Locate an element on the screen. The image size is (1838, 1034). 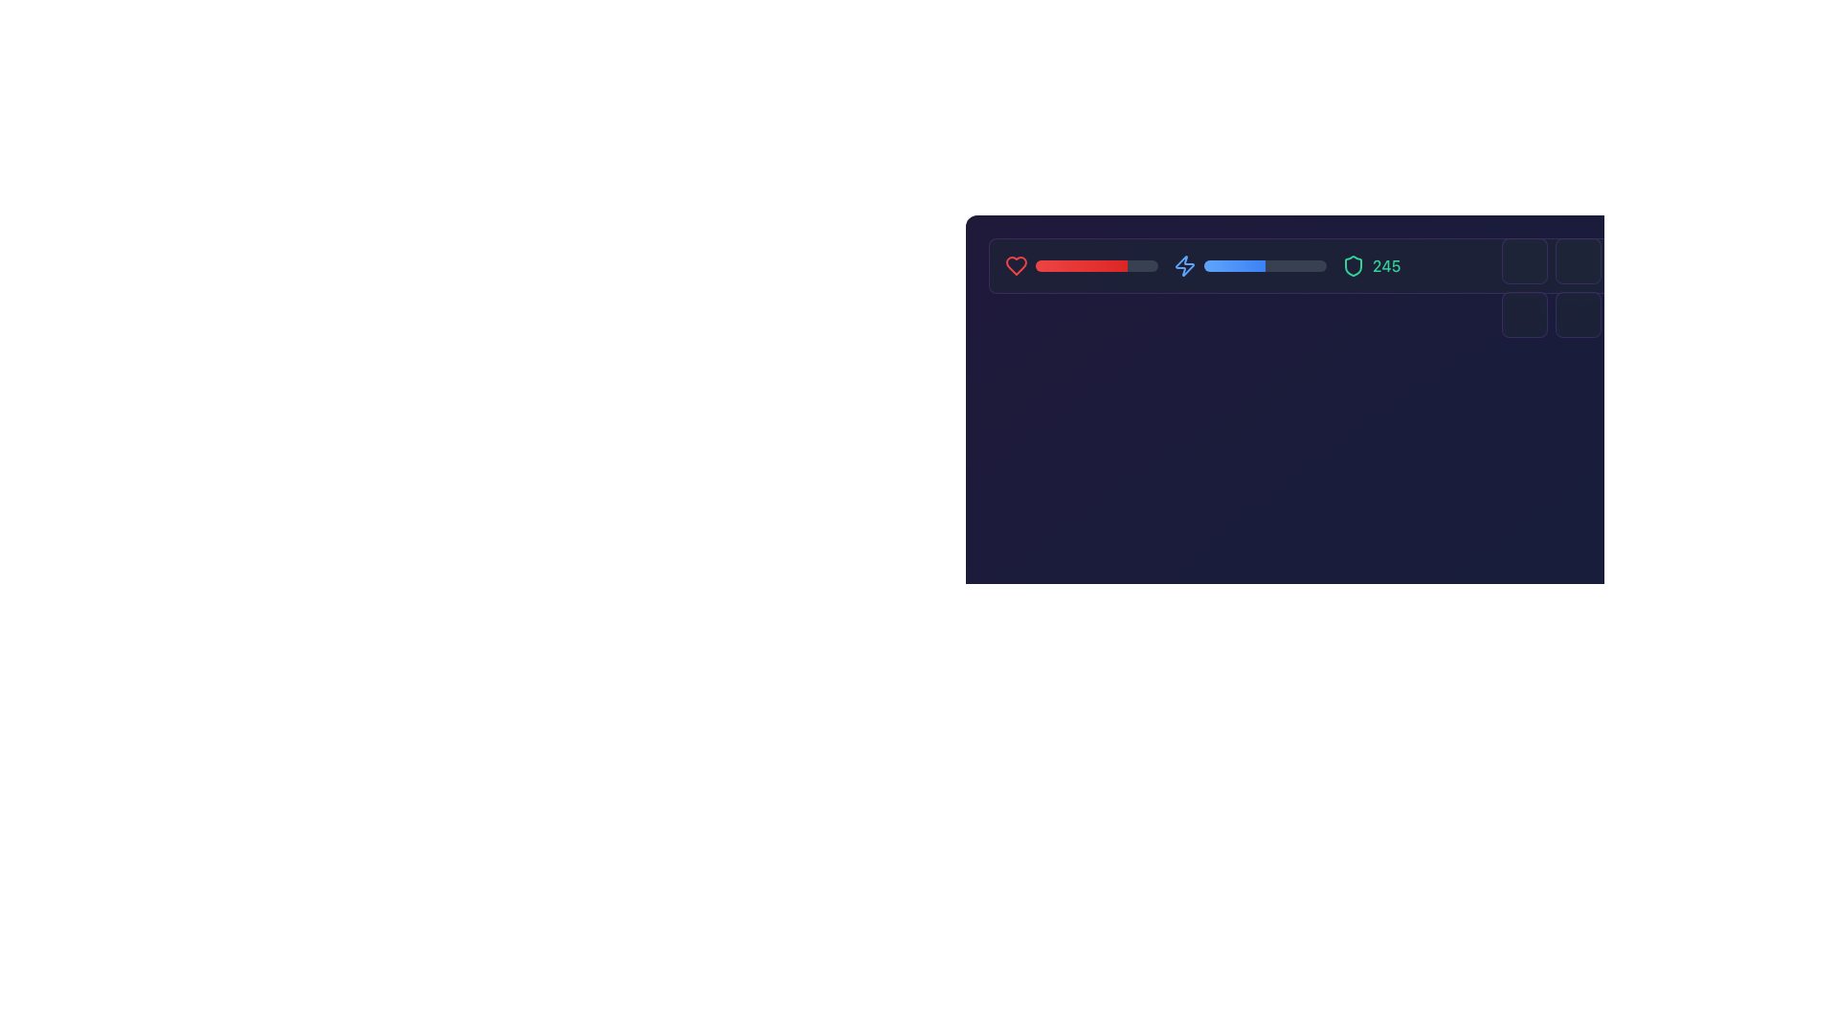
the Progress Indicator Segment located within the energy or resource progress bar in the upper section of the interface is located at coordinates (1235, 265).